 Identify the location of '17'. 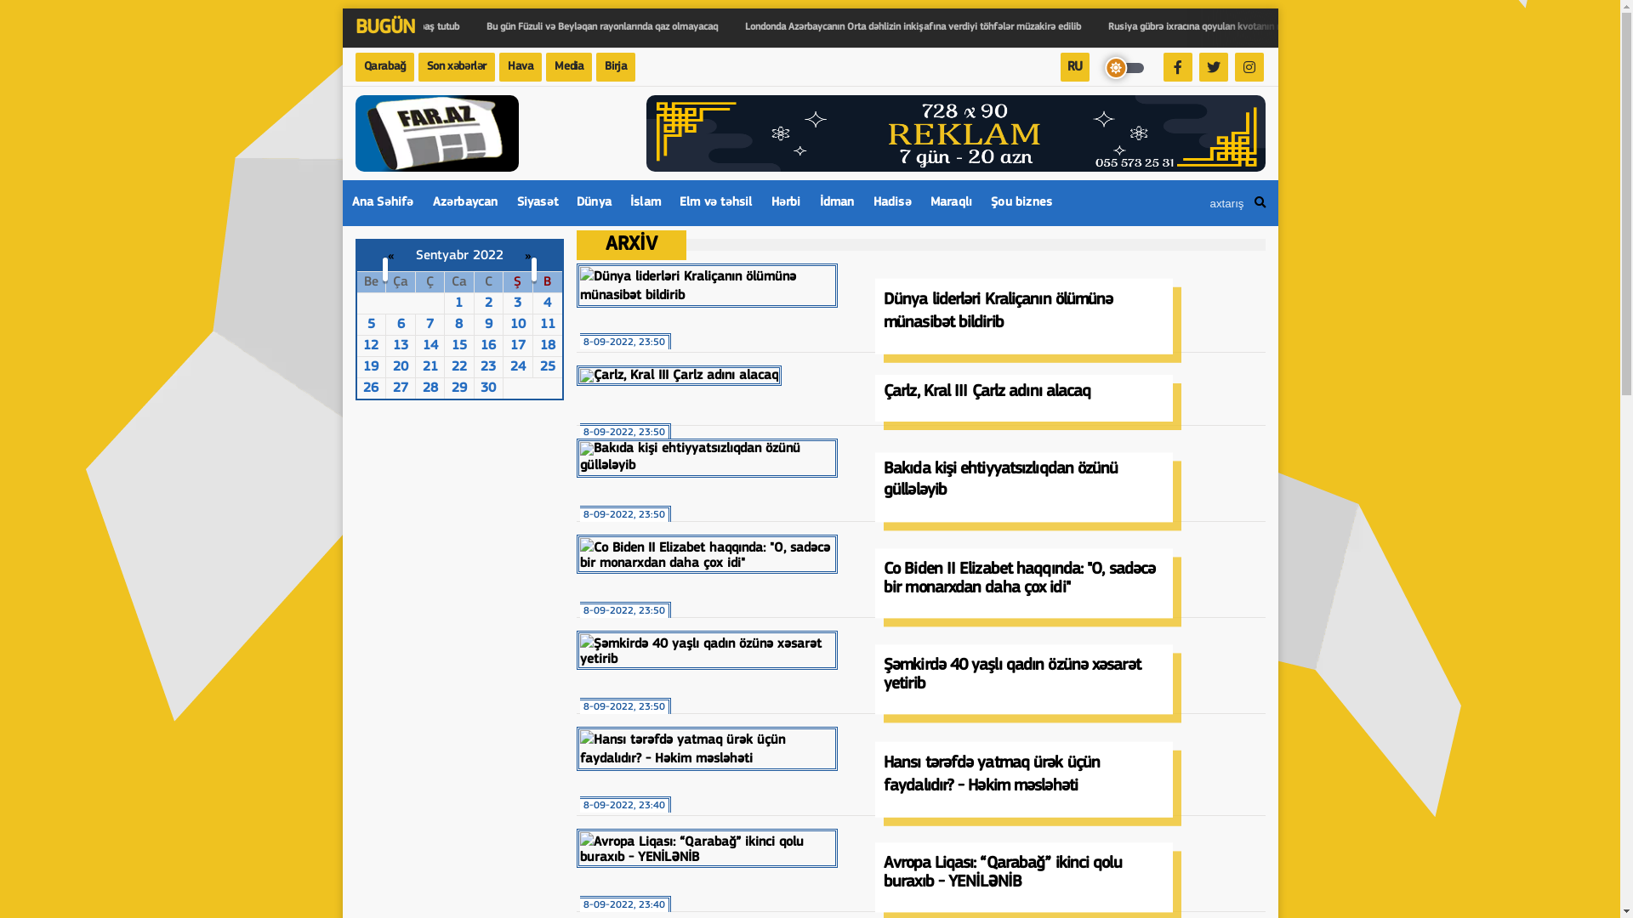
(517, 345).